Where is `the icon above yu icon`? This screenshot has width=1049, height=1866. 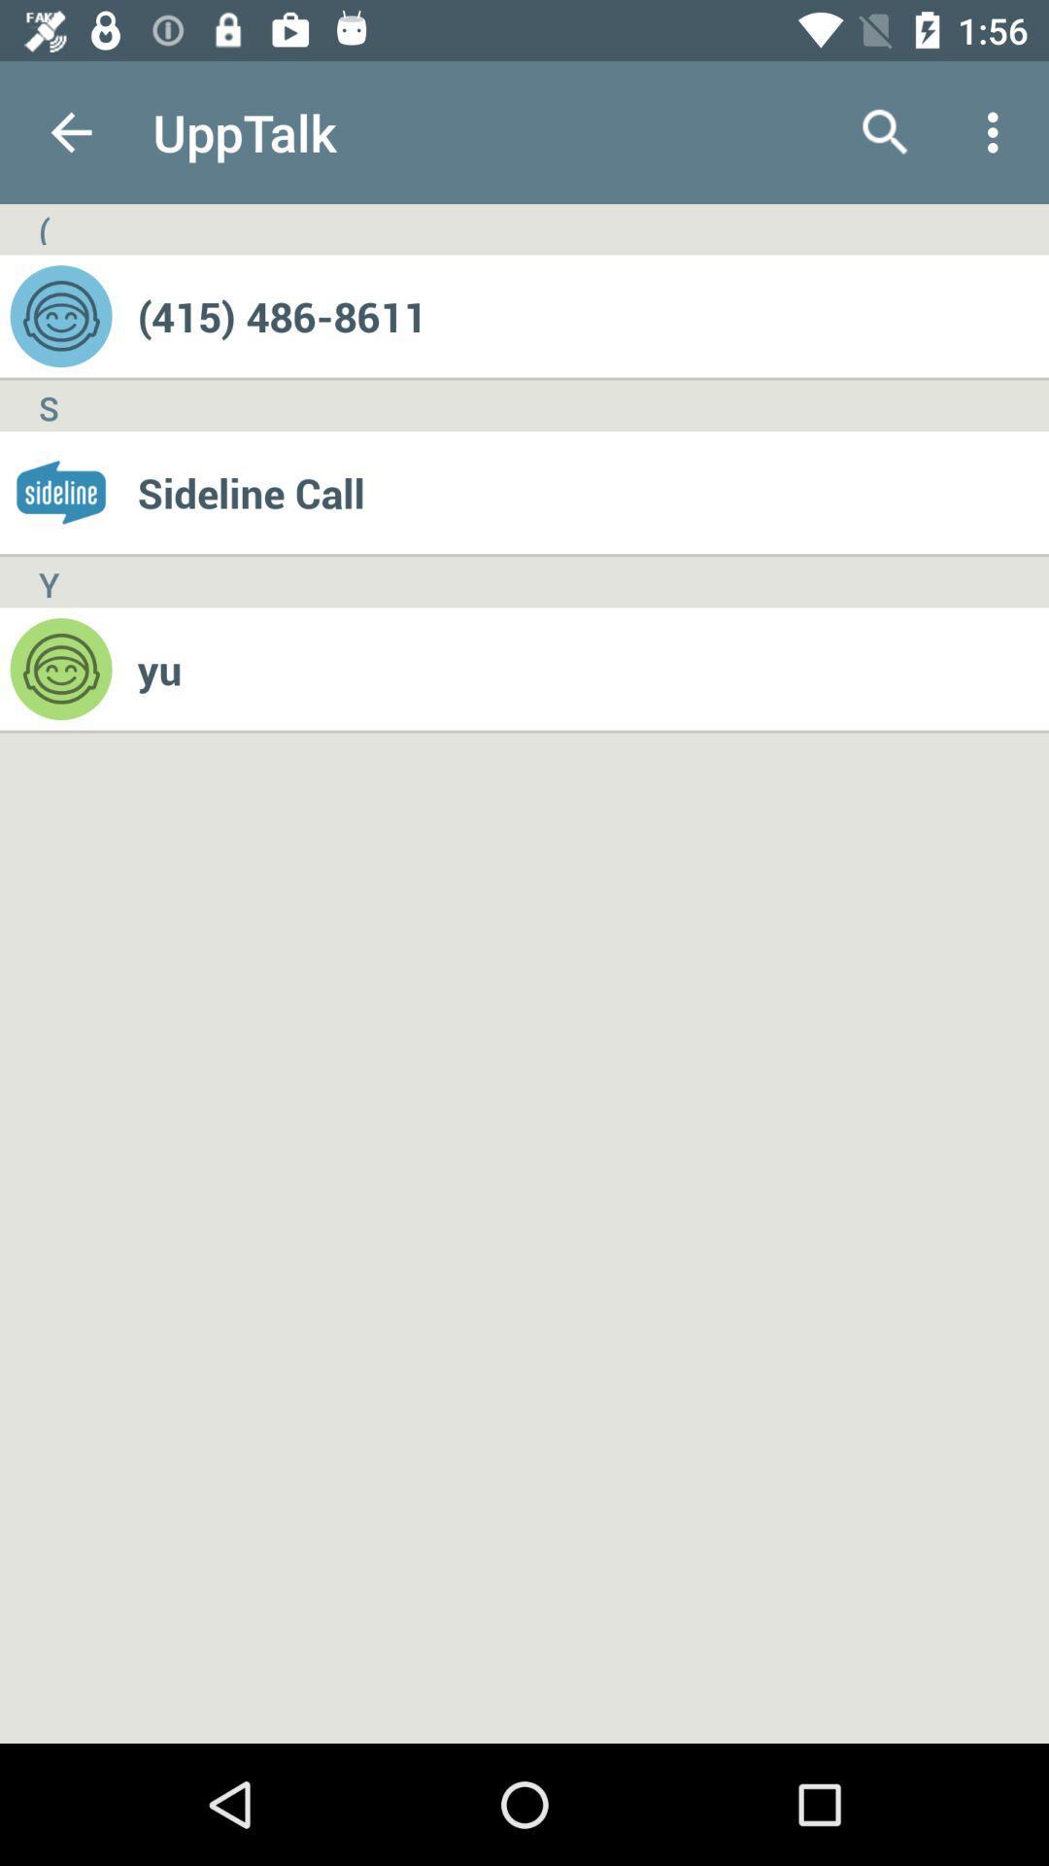
the icon above yu icon is located at coordinates (592, 493).